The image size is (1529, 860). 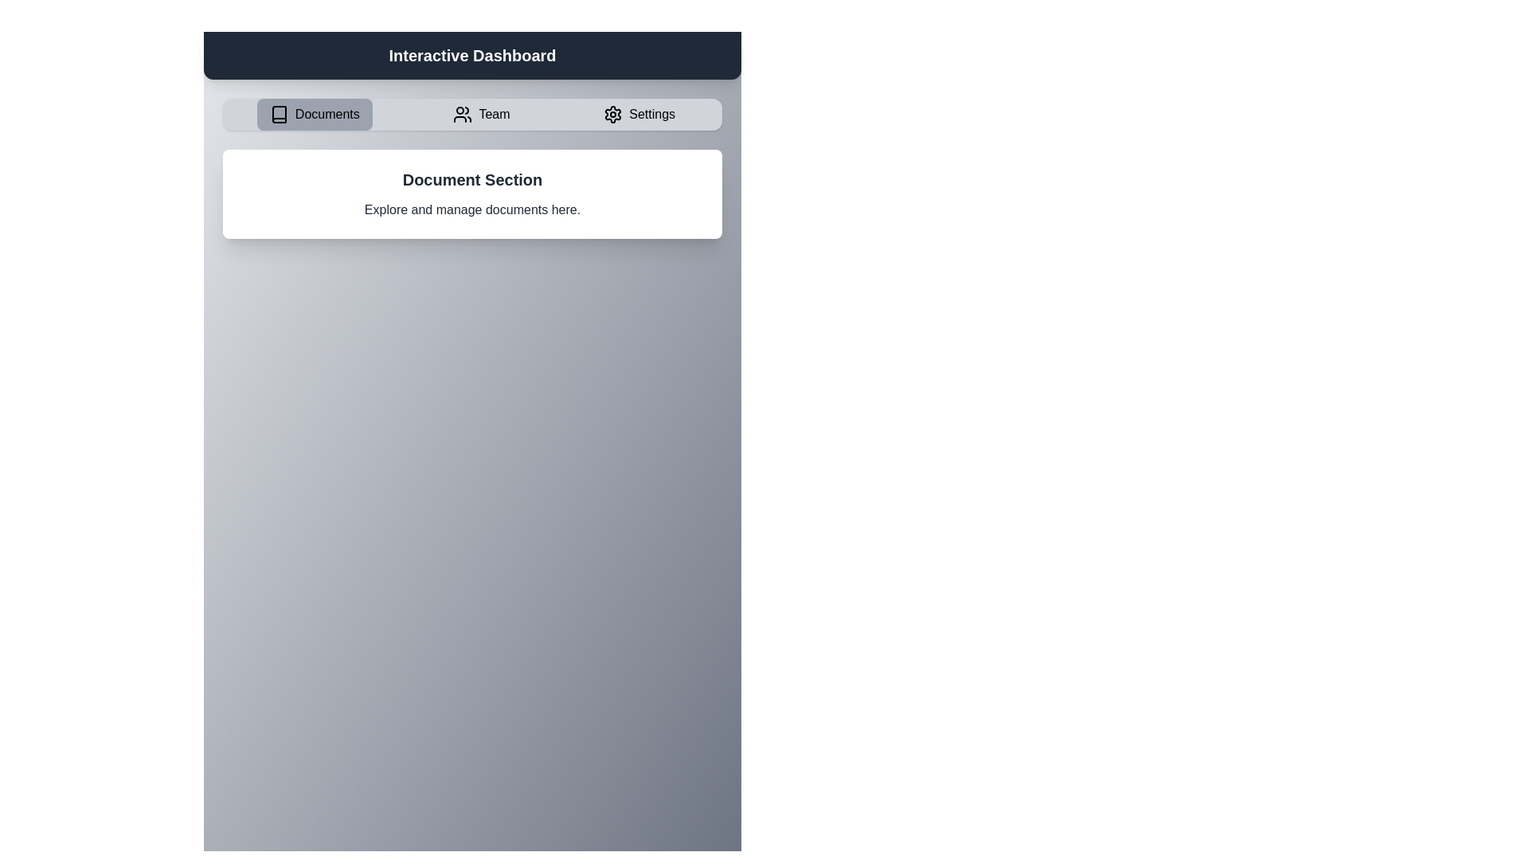 What do you see at coordinates (480, 113) in the screenshot?
I see `the second button in the horizontal navigation bar` at bounding box center [480, 113].